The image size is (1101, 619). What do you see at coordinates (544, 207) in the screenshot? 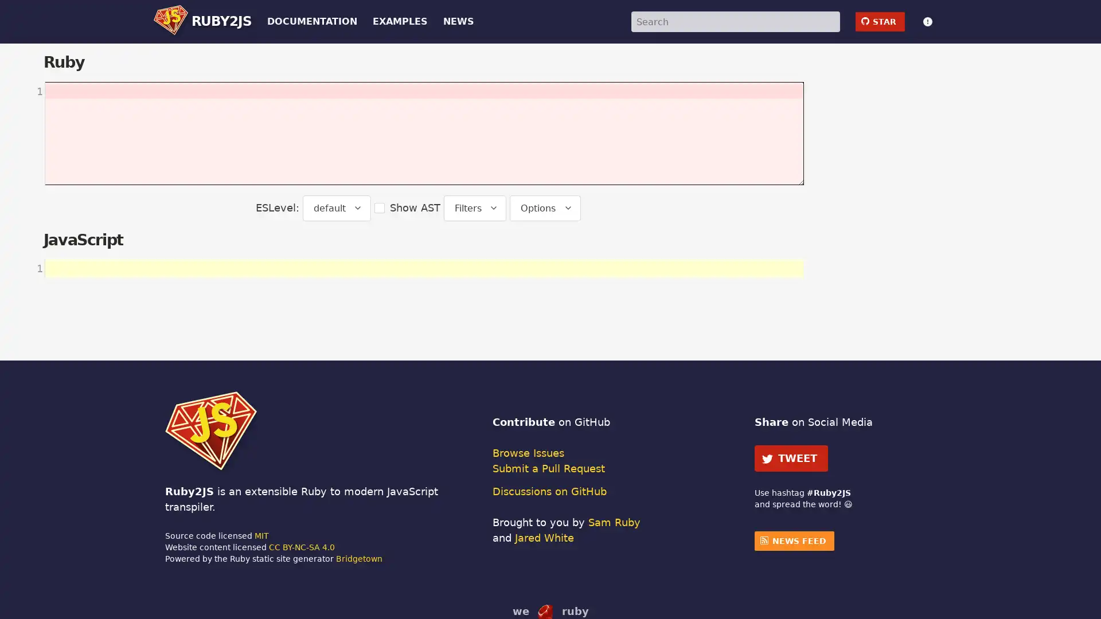
I see `Options` at bounding box center [544, 207].